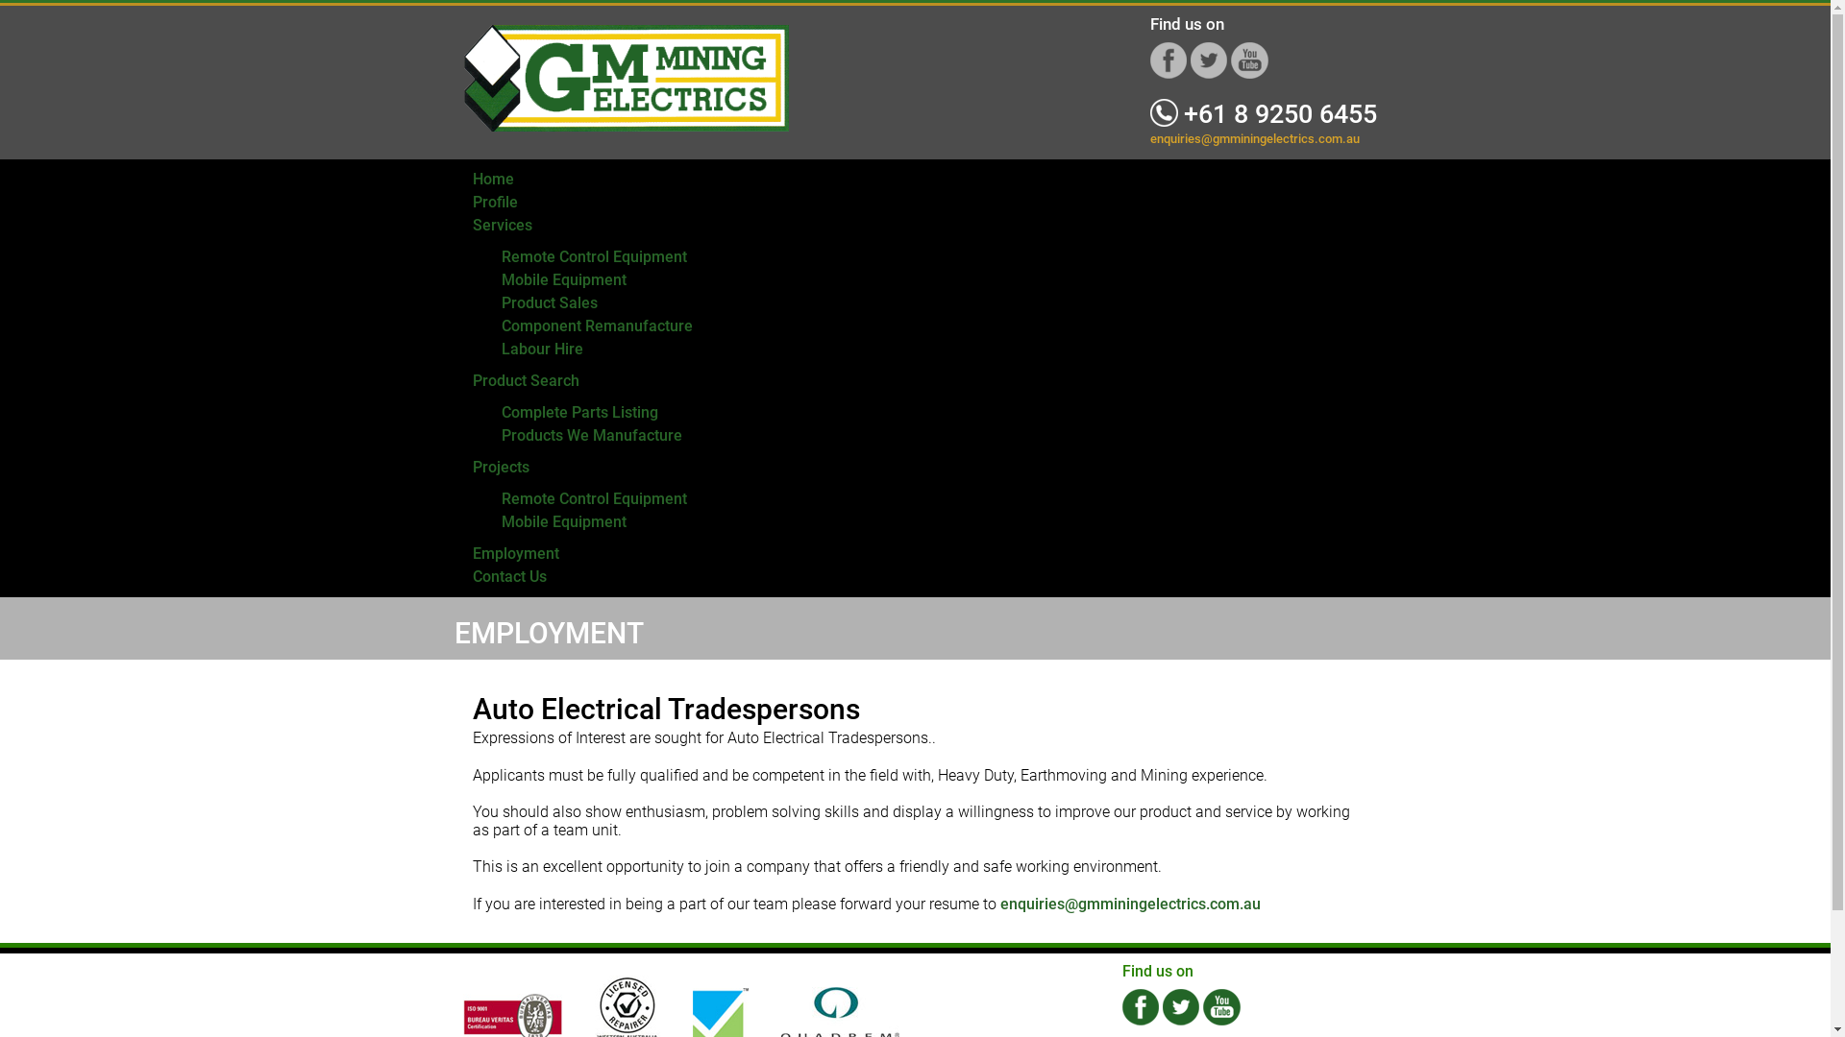  Describe the element at coordinates (472, 202) in the screenshot. I see `'Profile'` at that location.